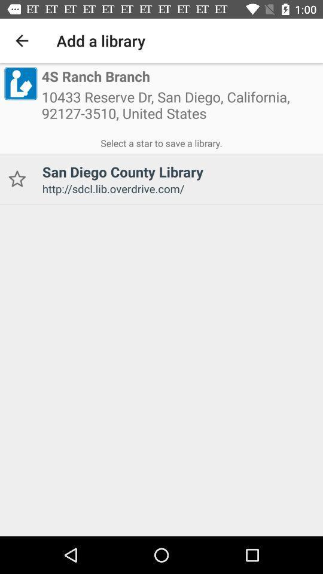  I want to click on library, so click(16, 178).